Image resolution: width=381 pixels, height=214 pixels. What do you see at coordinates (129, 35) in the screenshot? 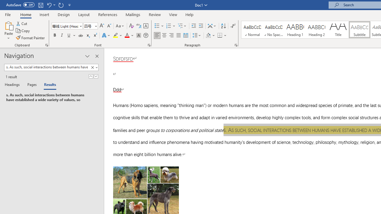
I see `'Font Color'` at bounding box center [129, 35].